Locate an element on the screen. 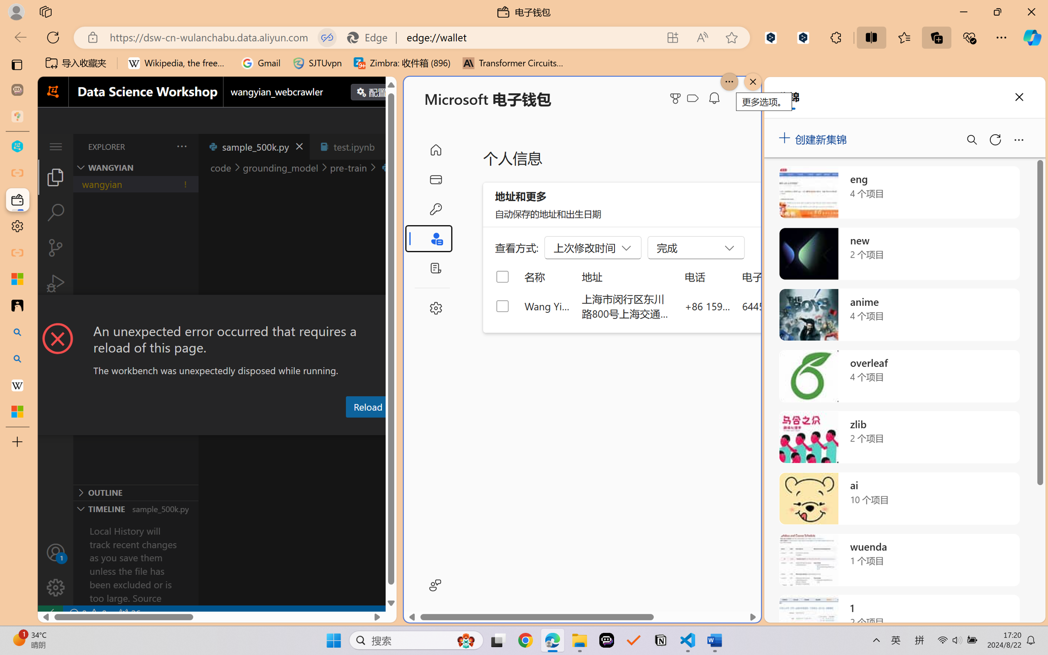  'Debug Console (Ctrl+Shift+Y)' is located at coordinates (349, 427).